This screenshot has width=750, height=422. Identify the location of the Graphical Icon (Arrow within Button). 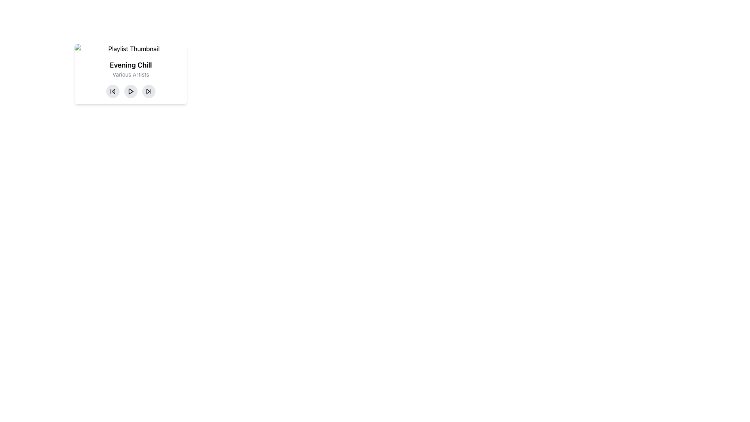
(148, 91).